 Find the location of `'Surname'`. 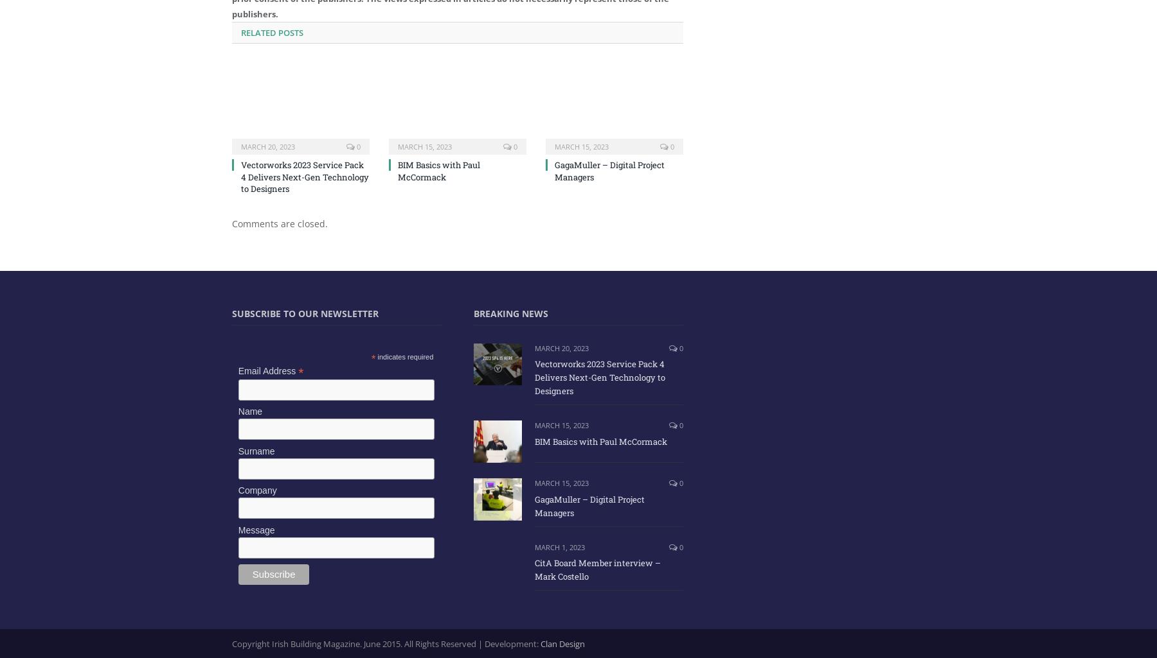

'Surname' is located at coordinates (256, 450).